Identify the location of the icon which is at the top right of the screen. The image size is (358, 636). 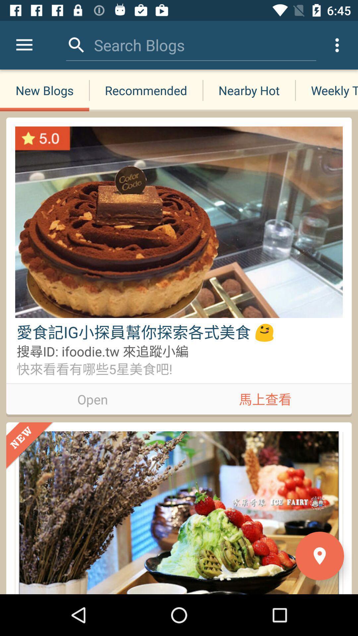
(337, 45).